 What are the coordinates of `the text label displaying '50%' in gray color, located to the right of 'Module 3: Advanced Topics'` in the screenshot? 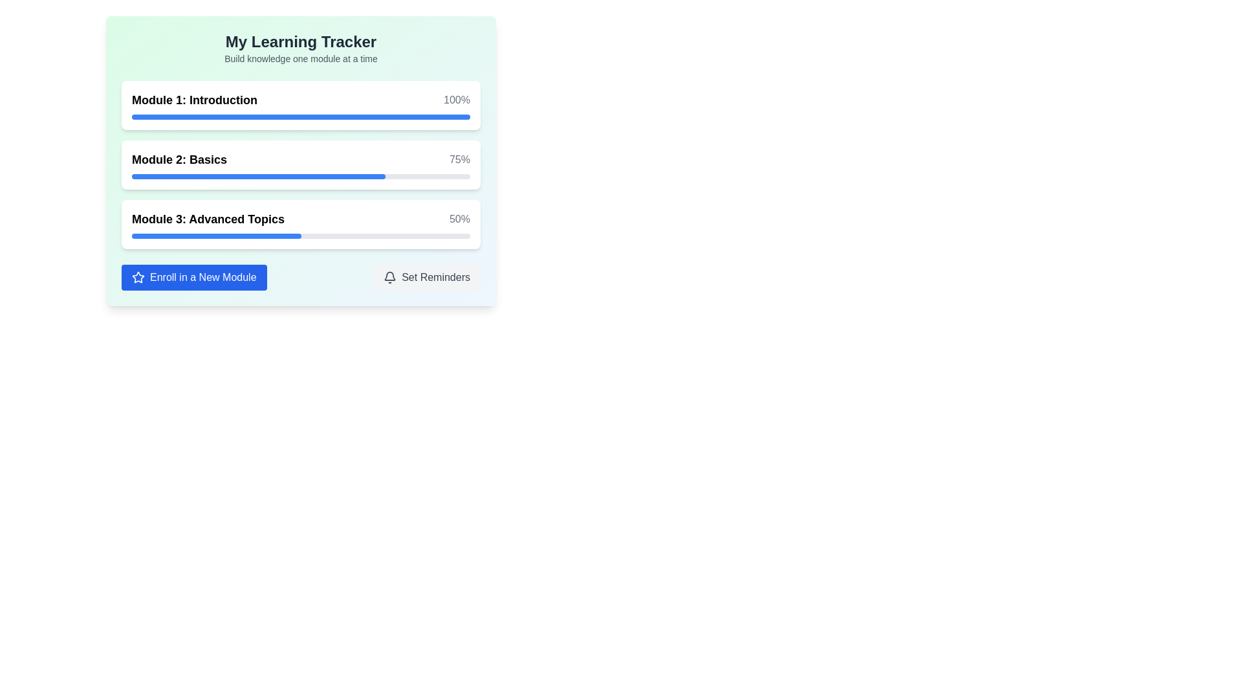 It's located at (459, 219).